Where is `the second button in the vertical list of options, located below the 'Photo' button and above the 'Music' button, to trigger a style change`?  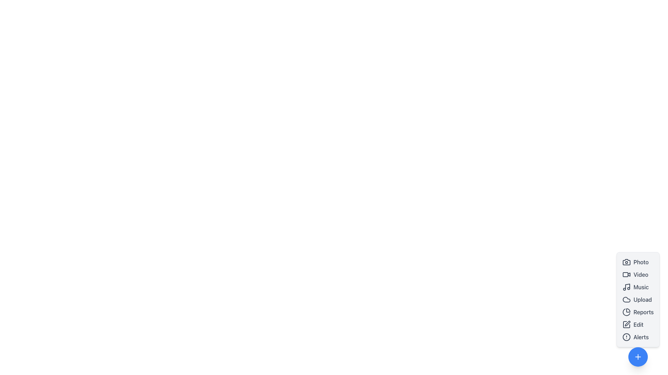
the second button in the vertical list of options, located below the 'Photo' button and above the 'Music' button, to trigger a style change is located at coordinates (635, 274).